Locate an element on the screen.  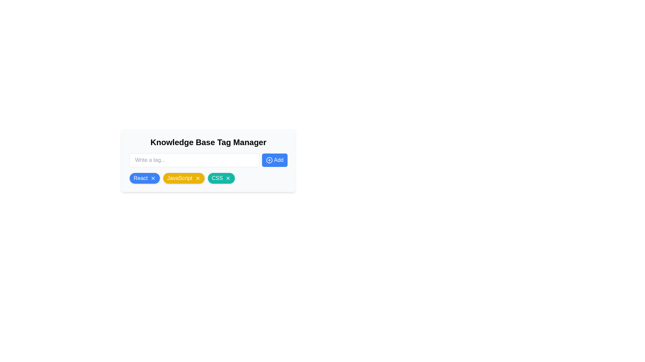
tag labeled 'CSS' which is the third item in a horizontal row of pill-shaped tags, located centrally in the interface is located at coordinates (221, 178).